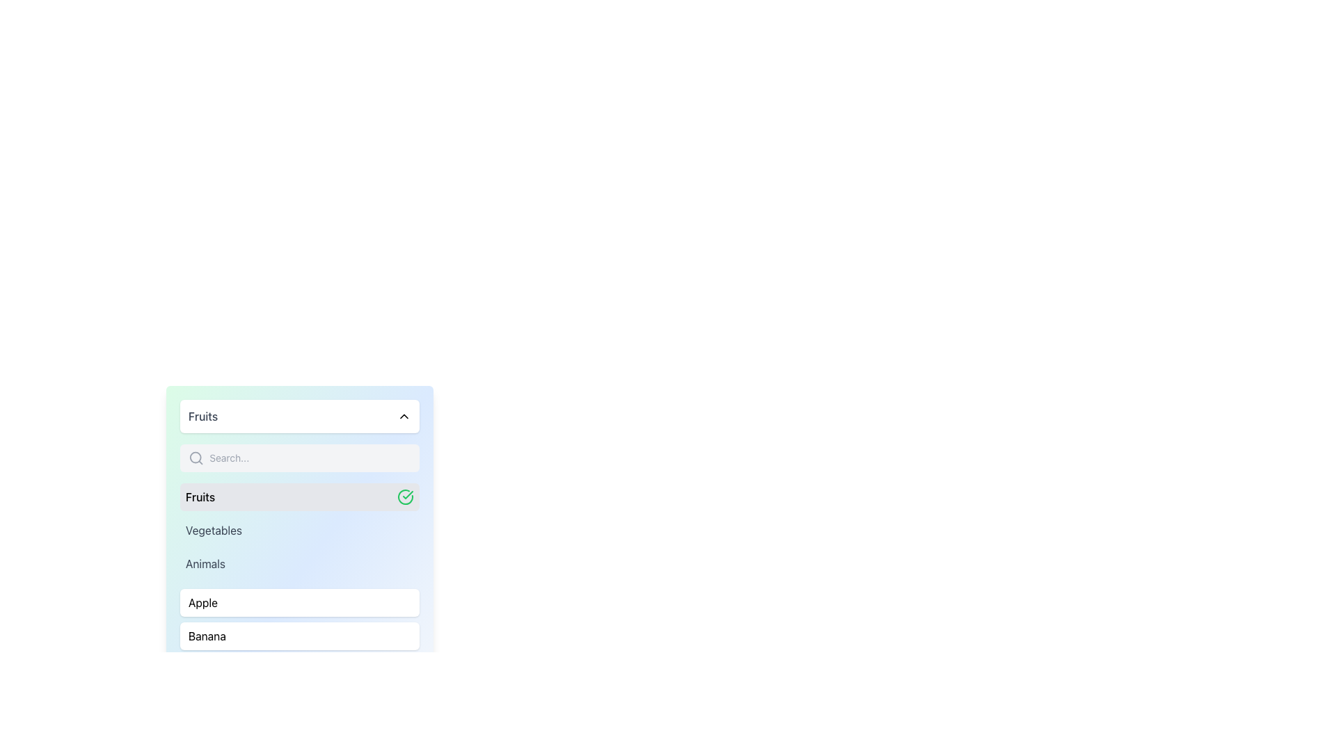 The width and height of the screenshot is (1336, 751). I want to click on the 'Animals' text label, which is positioned below 'Vegetables' and above 'Apple' in the selectable options list, so click(205, 563).